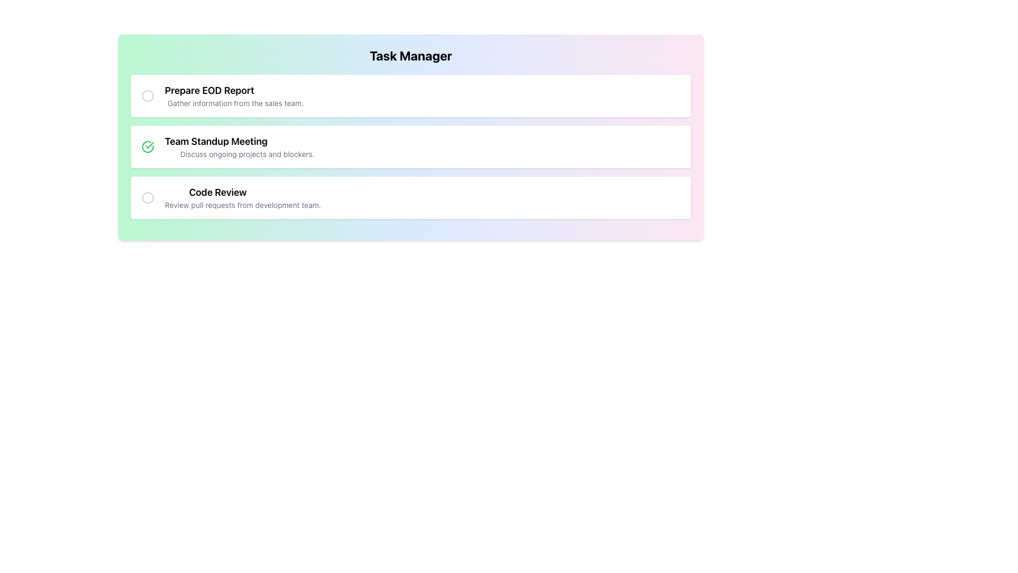 The height and width of the screenshot is (573, 1018). What do you see at coordinates (230, 198) in the screenshot?
I see `the third task item in the Task Manager titled 'Code Review' with a low priority label in a green badge` at bounding box center [230, 198].